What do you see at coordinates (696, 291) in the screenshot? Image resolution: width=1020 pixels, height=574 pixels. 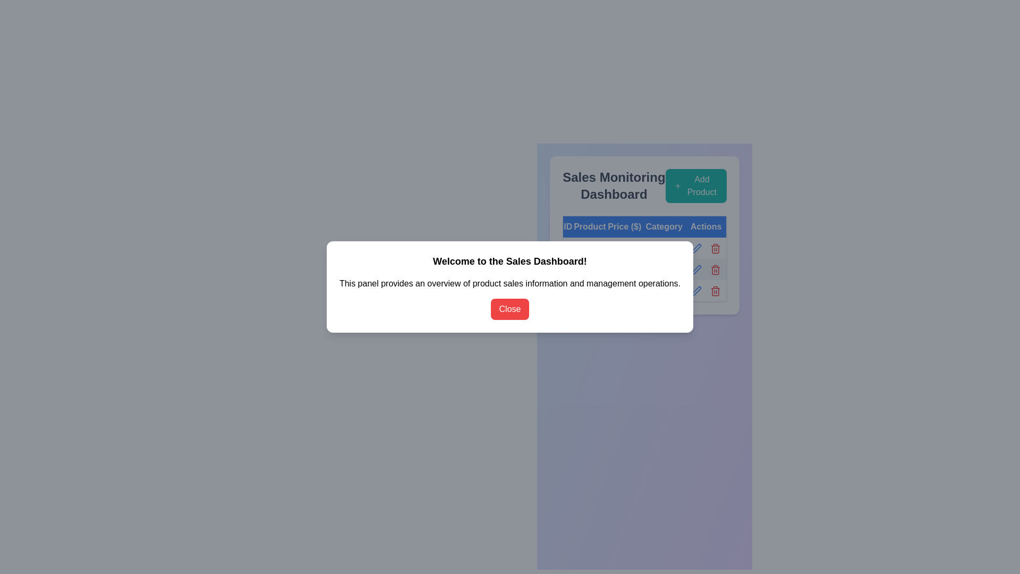 I see `the edit icon in the Actions column of the table` at bounding box center [696, 291].